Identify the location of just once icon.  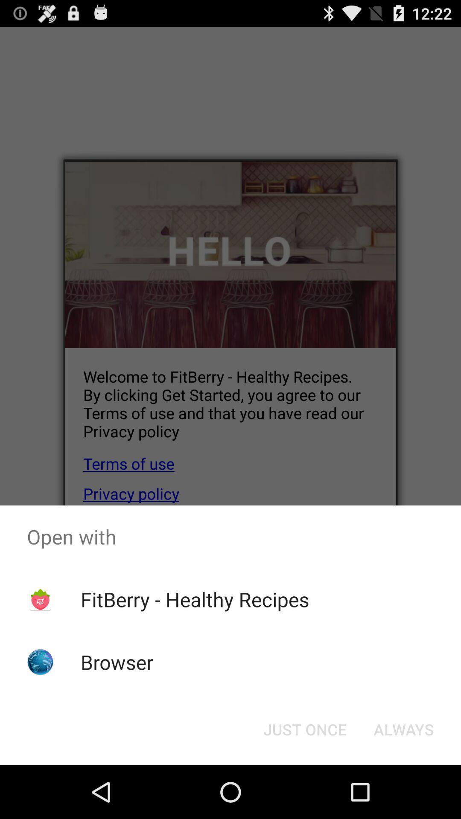
(304, 729).